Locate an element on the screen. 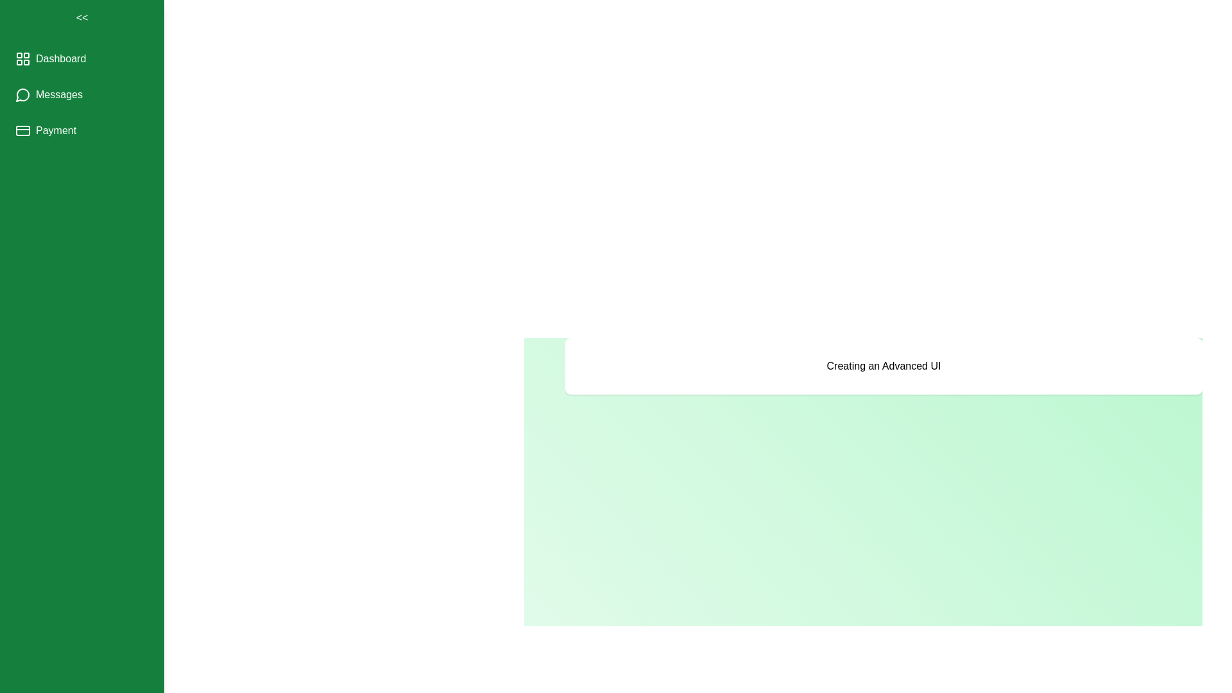  the collapsible menu toggle button located in the top-left corner of the sidebar is located at coordinates (81, 17).